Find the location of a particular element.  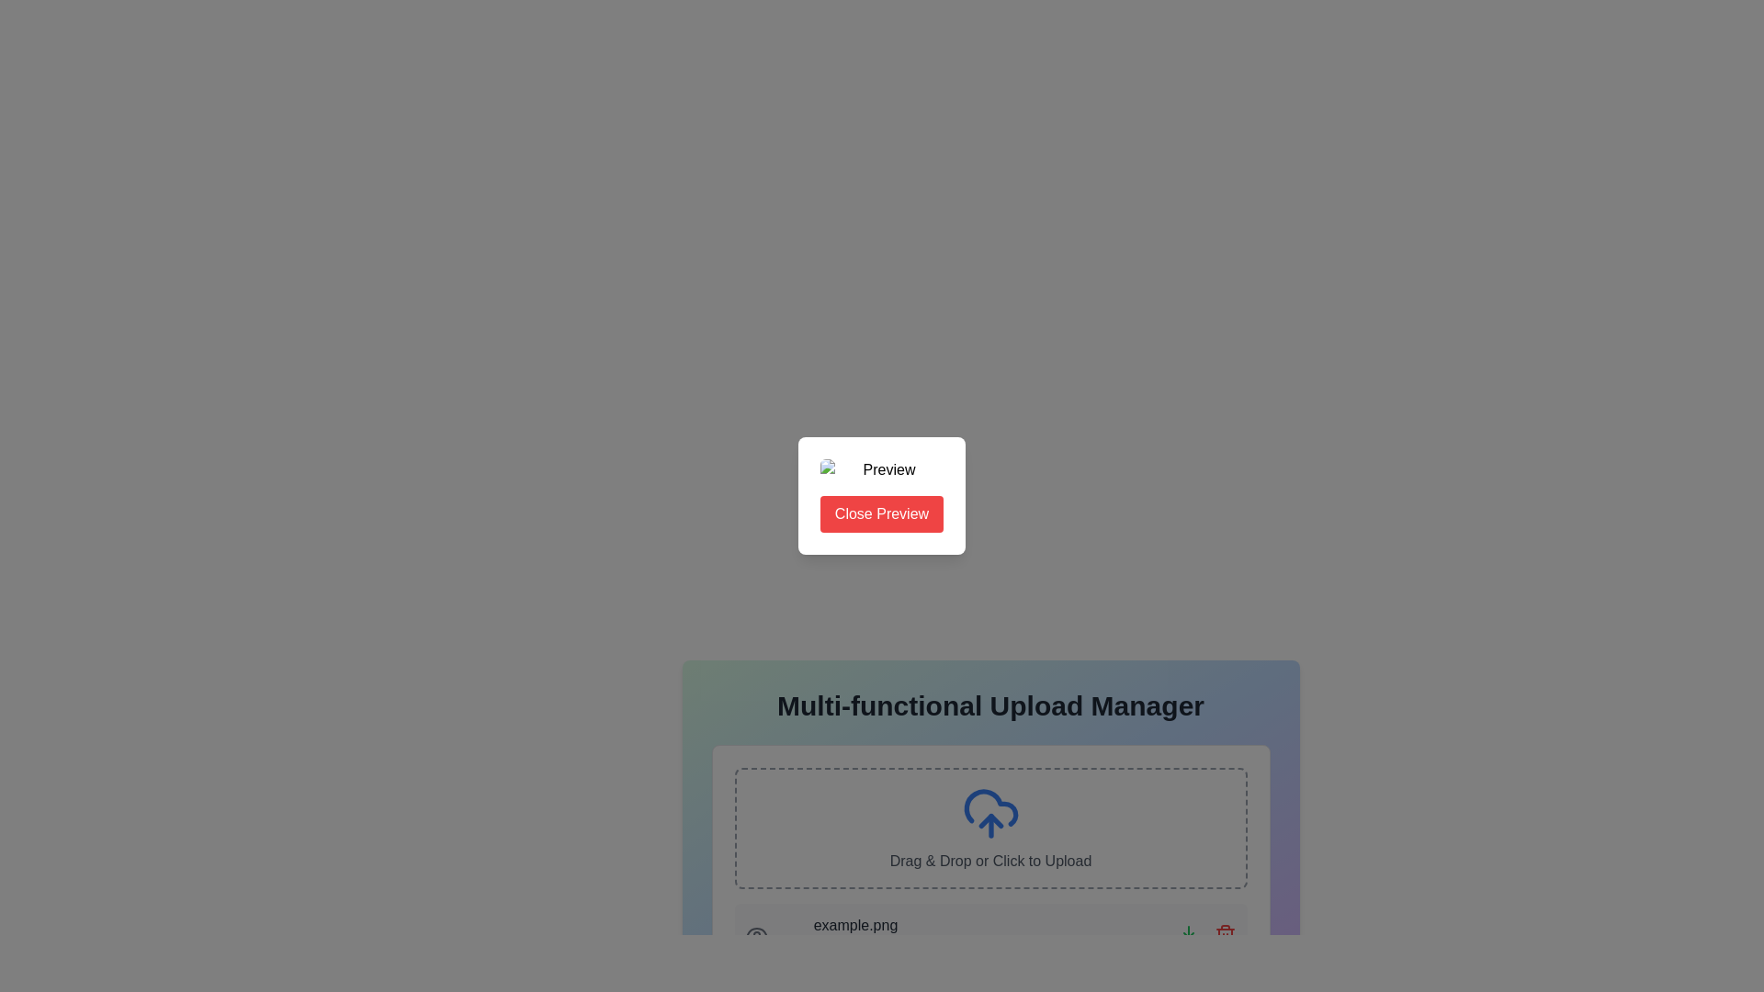

the delete icon button located on the far right side of the horizontal row of icons to observe the hover effect is located at coordinates (1225, 935).